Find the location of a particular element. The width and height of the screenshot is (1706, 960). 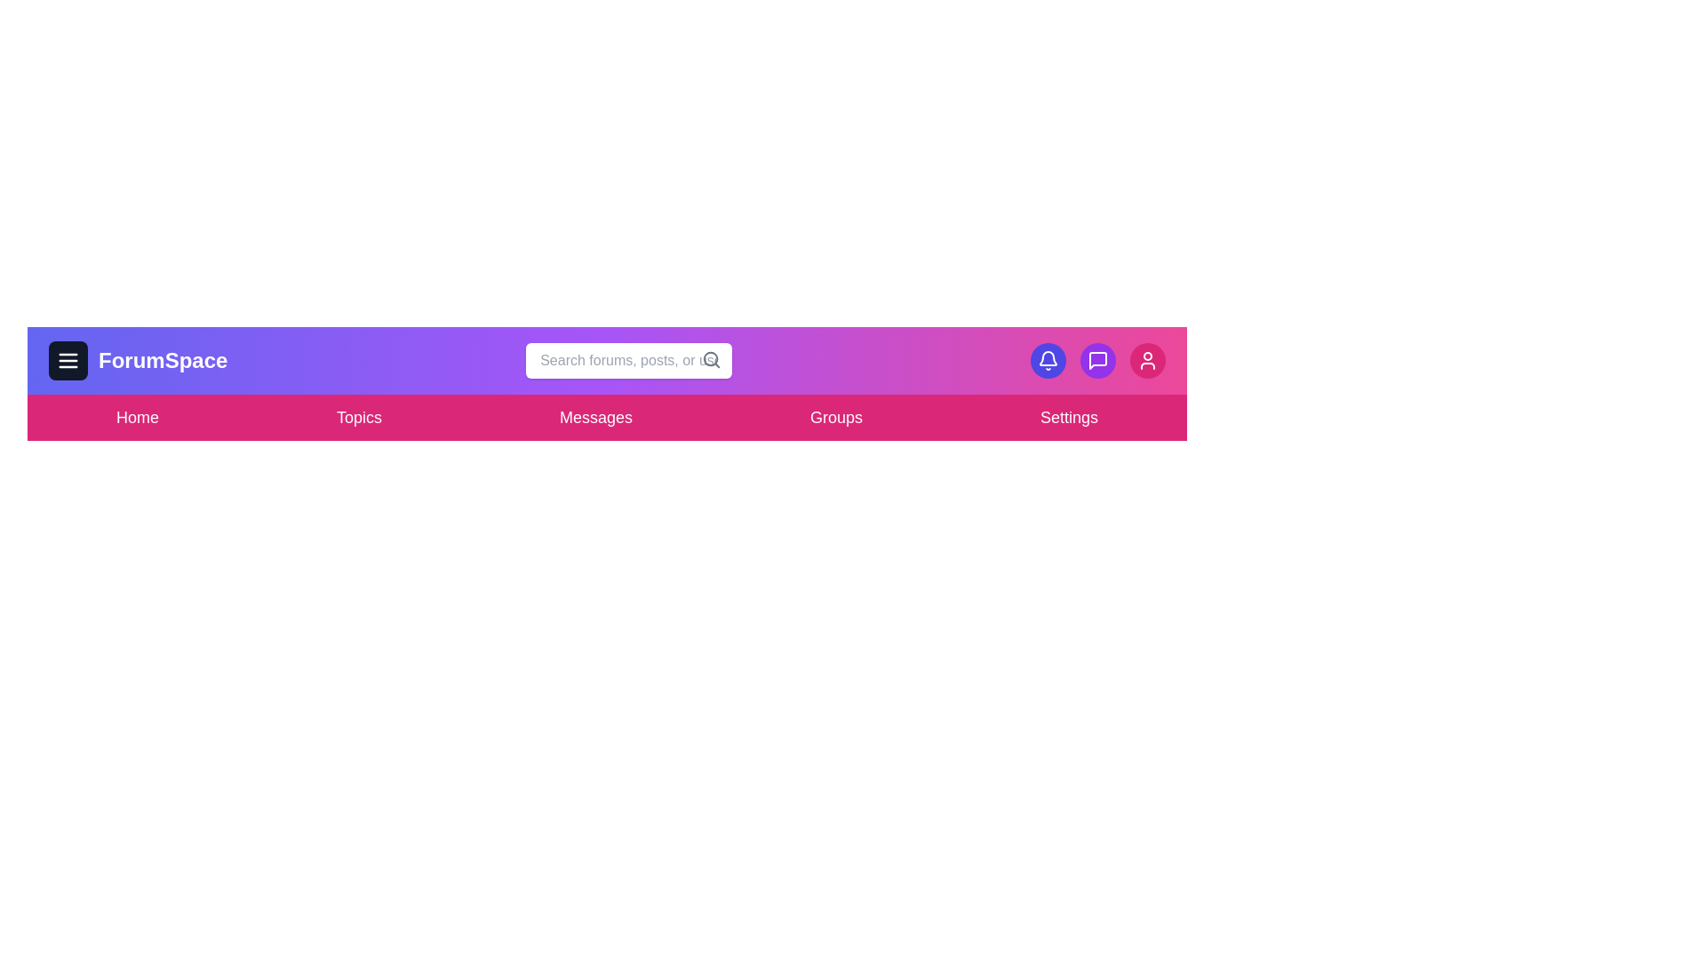

the 'Messages' button to access the messages section is located at coordinates (595, 418).